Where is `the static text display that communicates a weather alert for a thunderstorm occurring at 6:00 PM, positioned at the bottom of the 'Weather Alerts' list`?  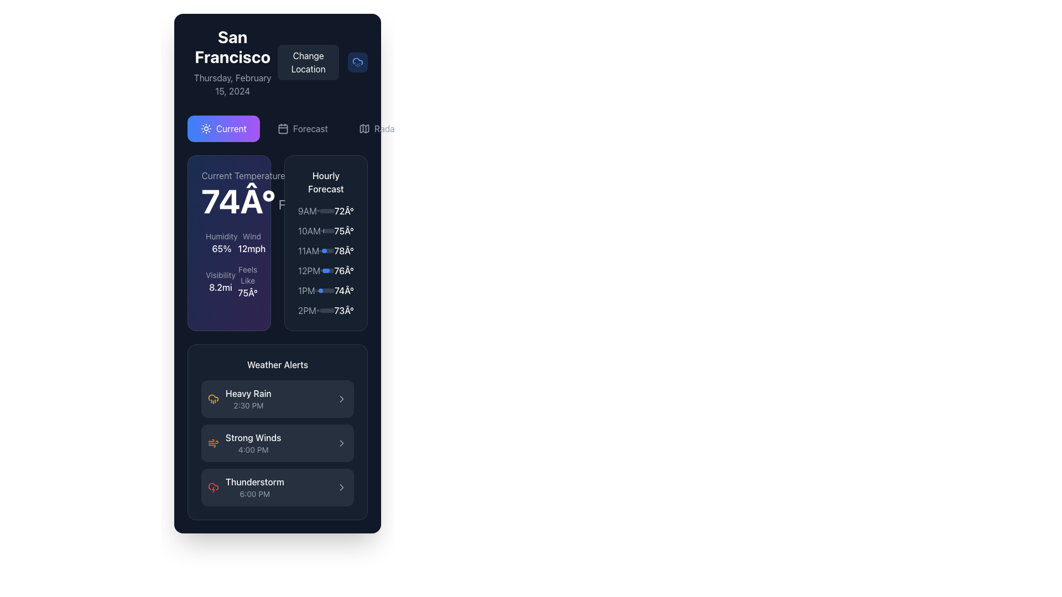 the static text display that communicates a weather alert for a thunderstorm occurring at 6:00 PM, positioned at the bottom of the 'Weather Alerts' list is located at coordinates (254, 487).